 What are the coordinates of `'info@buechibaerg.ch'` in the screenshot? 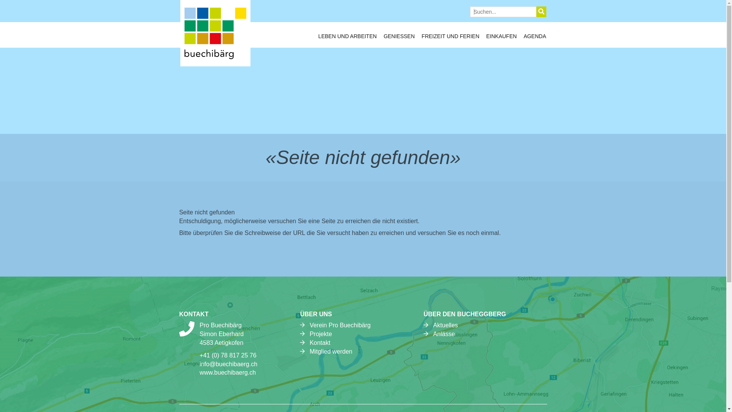 It's located at (228, 364).